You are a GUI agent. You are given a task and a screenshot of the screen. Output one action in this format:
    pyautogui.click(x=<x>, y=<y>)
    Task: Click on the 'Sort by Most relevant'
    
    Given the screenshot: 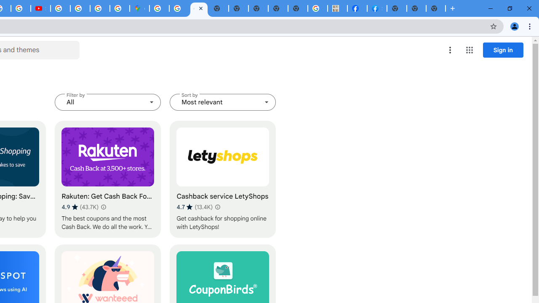 What is the action you would take?
    pyautogui.click(x=223, y=102)
    